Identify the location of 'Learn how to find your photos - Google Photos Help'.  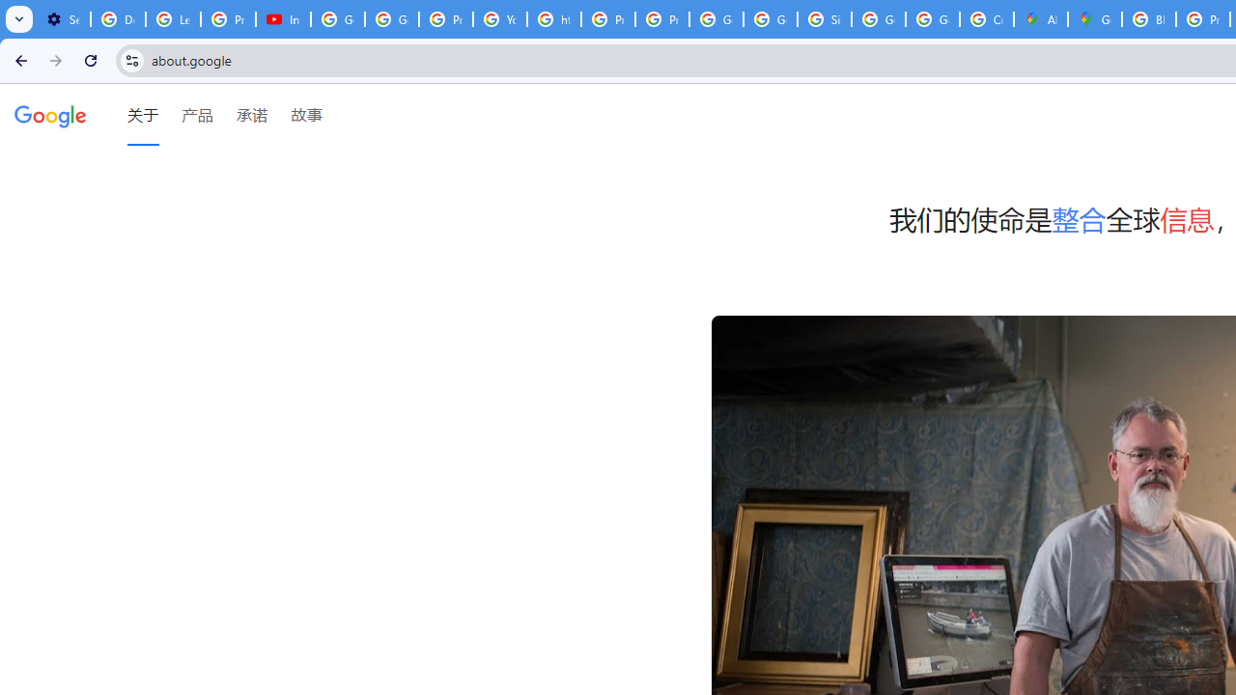
(173, 19).